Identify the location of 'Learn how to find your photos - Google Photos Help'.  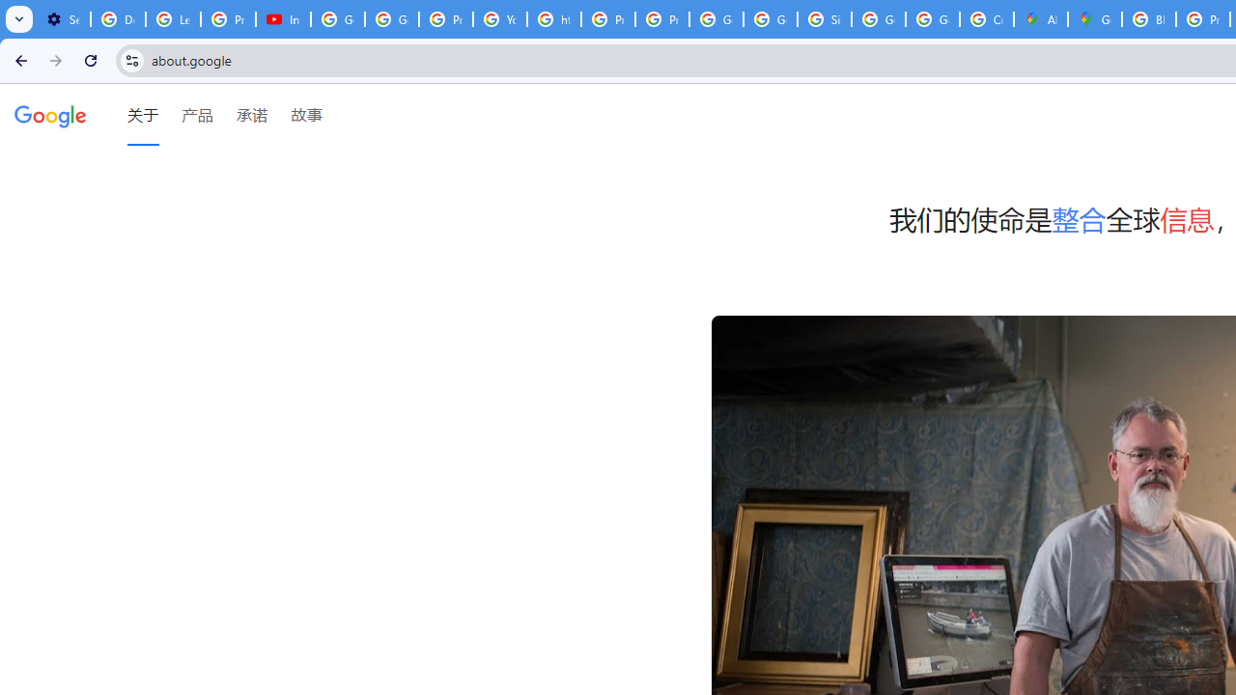
(173, 19).